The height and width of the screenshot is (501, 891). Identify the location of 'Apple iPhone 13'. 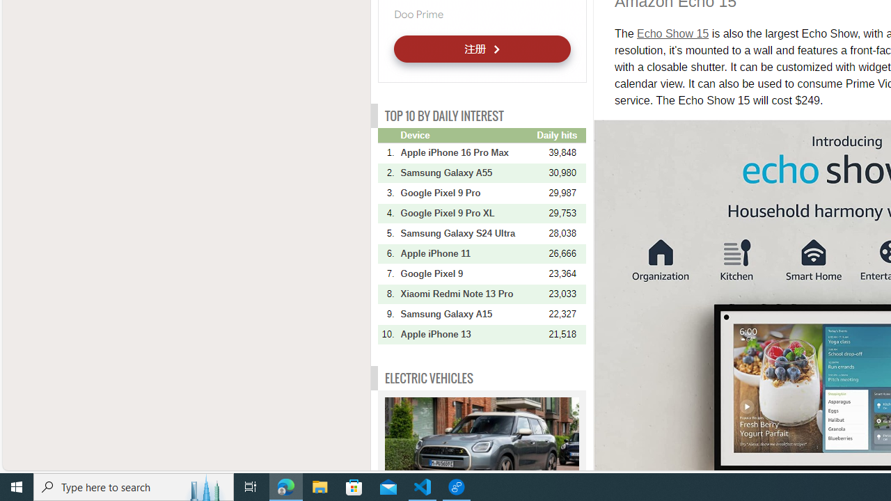
(467, 334).